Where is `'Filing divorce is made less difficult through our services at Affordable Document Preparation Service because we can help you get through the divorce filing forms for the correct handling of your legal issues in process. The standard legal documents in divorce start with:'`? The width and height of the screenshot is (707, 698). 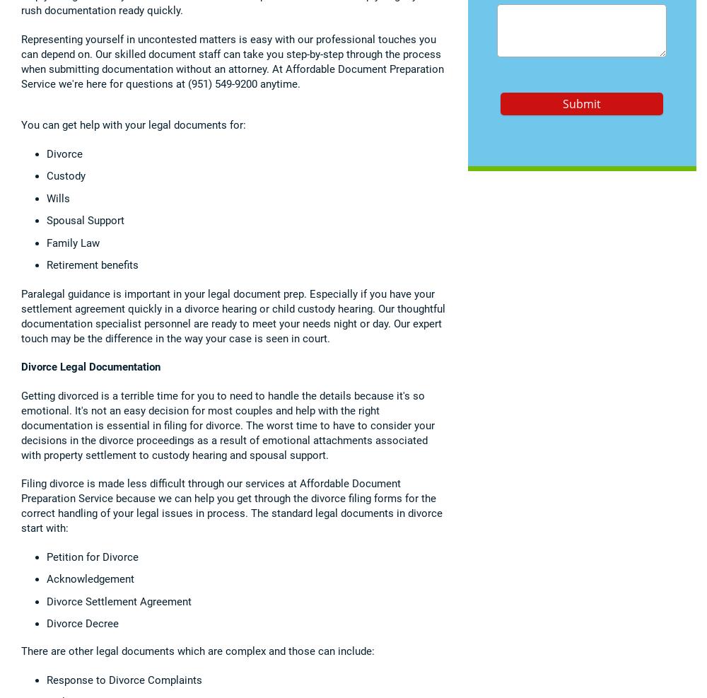
'Filing divorce is made less difficult through our services at Affordable Document Preparation Service because we can help you get through the divorce filing forms for the correct handling of your legal issues in process. The standard legal documents in divorce start with:' is located at coordinates (21, 505).